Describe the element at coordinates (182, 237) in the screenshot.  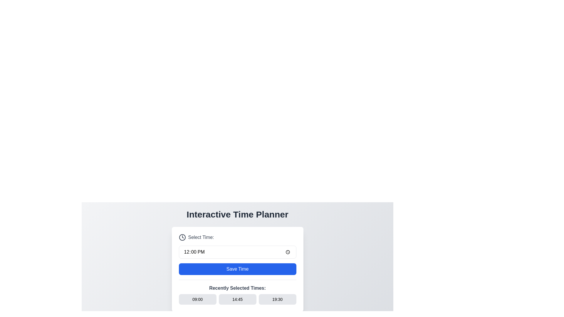
I see `the clock icon that represents time selection functionality, located to the left of the 'Select Time:' label in the upper section of the dialog box` at that location.